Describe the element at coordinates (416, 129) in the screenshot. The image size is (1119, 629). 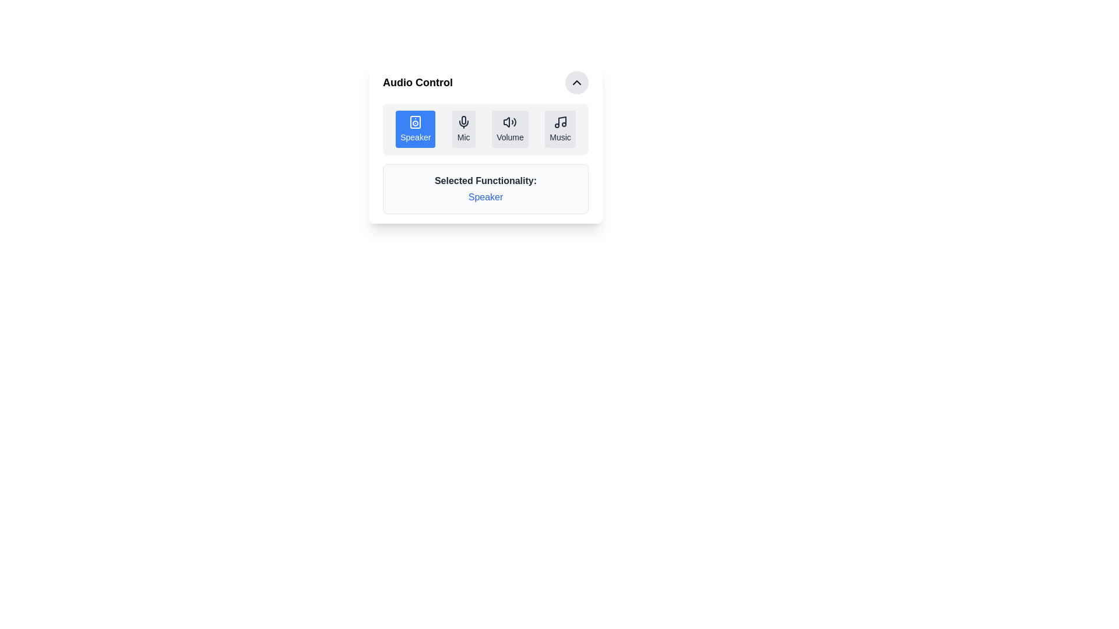
I see `the 'Speaker' button, which is the first button in a series of four horizontally arranged buttons at the top center of the audio control interface` at that location.